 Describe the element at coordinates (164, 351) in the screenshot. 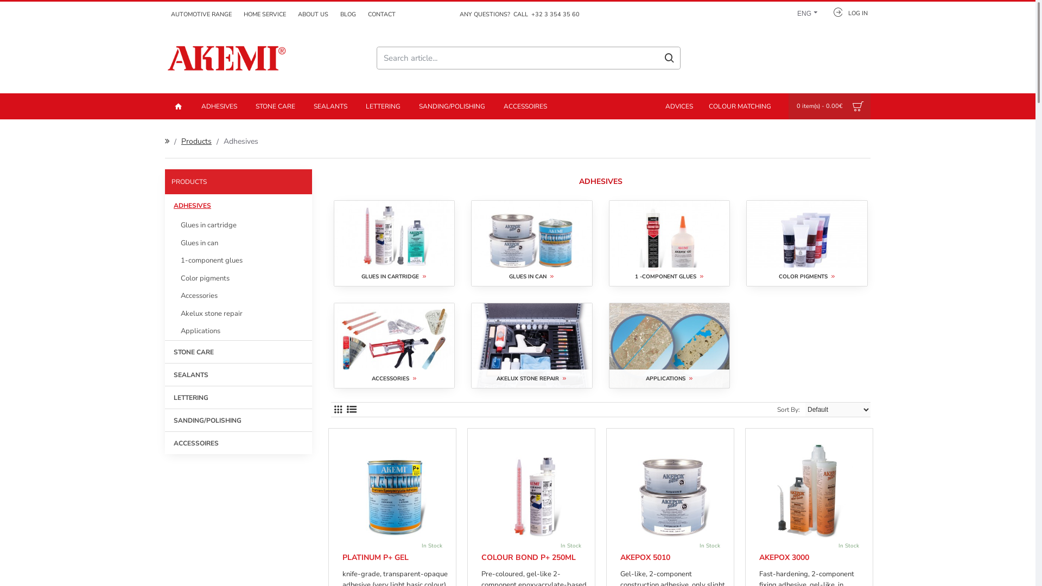

I see `'STONE CARE'` at that location.